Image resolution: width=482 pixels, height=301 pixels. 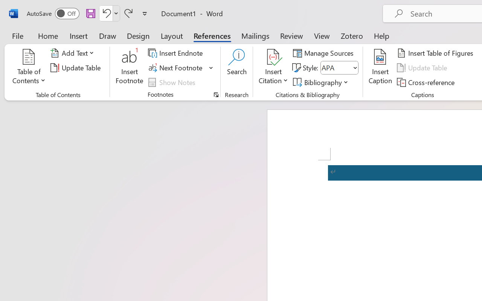 I want to click on 'Next Footnote', so click(x=176, y=67).